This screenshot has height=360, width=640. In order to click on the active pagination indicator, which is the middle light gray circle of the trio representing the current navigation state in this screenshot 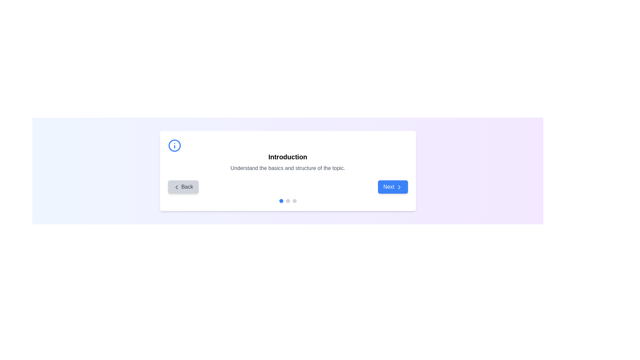, I will do `click(288, 200)`.